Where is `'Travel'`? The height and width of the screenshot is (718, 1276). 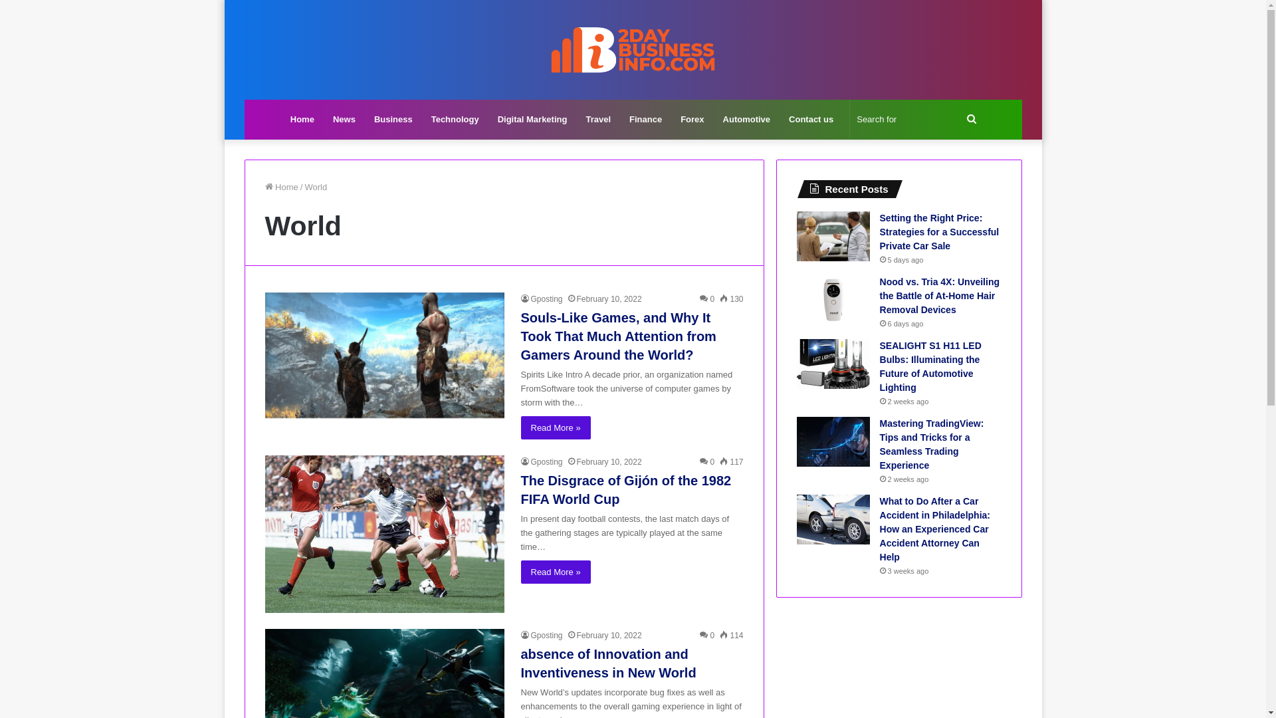
'Travel' is located at coordinates (576, 120).